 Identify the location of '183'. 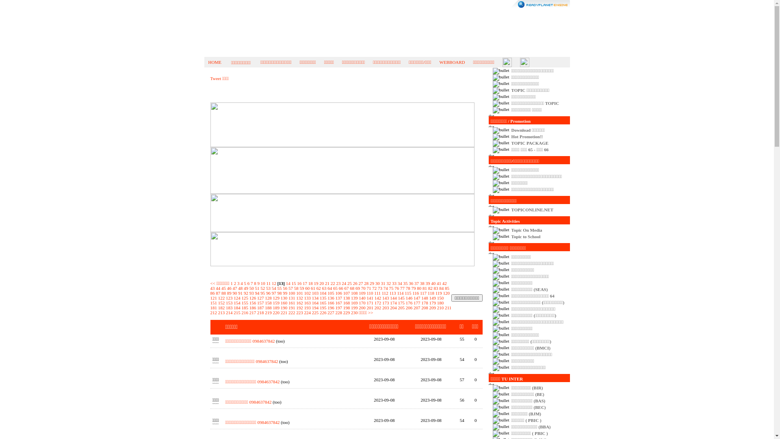
(229, 307).